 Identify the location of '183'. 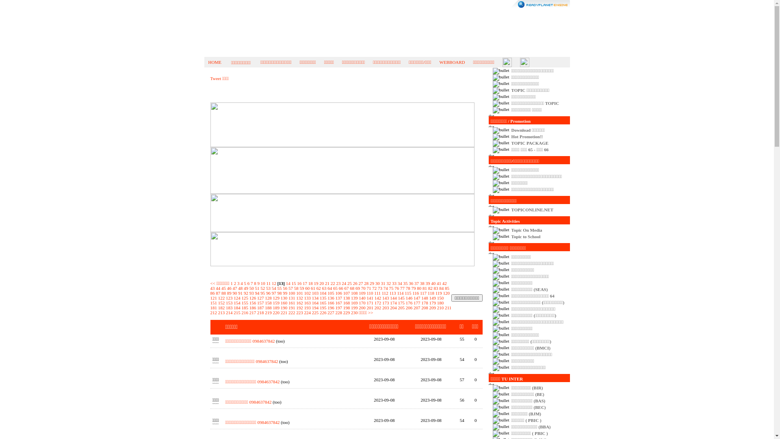
(229, 307).